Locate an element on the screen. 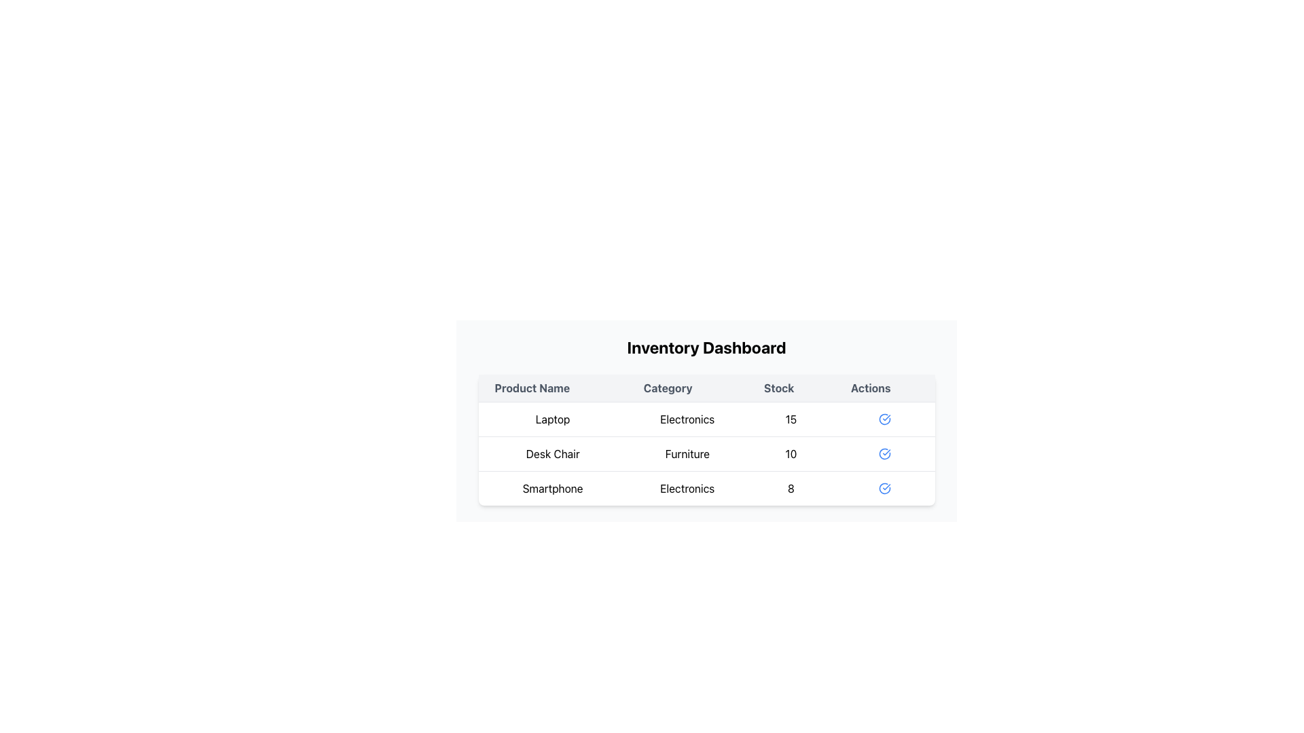 The width and height of the screenshot is (1304, 733). the Icon Button in the 'Actions' column of the second row of the table associated with the 'Desk Chair' product to trigger a visual change is located at coordinates (884, 453).